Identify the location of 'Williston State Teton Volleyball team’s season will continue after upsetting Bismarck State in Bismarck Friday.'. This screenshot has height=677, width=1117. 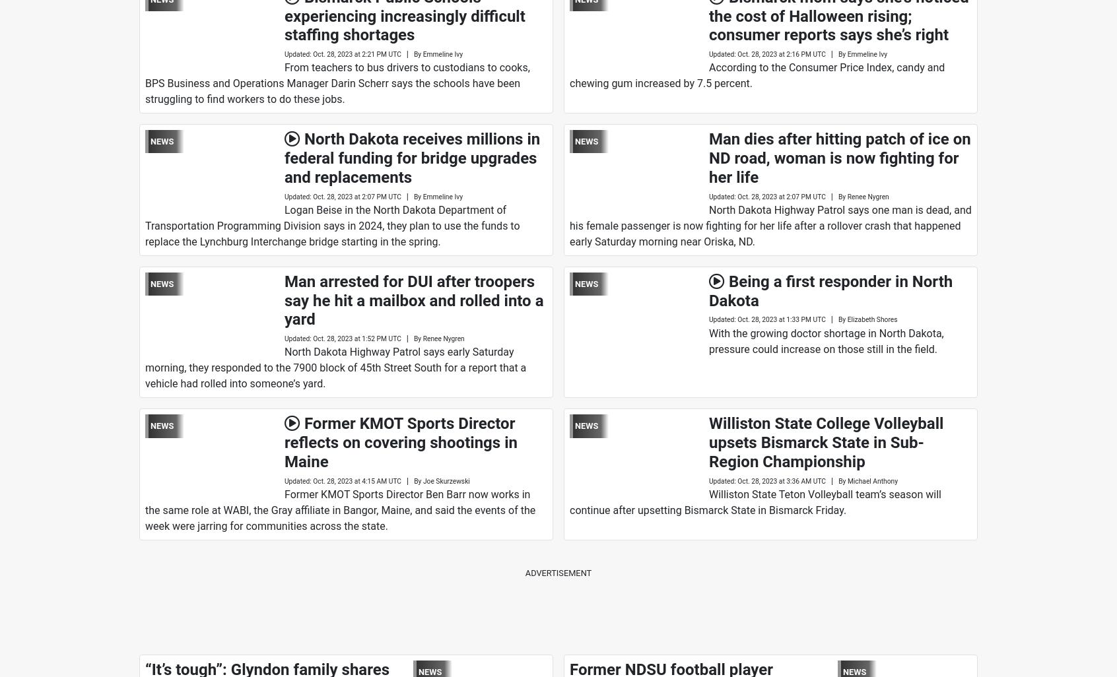
(754, 502).